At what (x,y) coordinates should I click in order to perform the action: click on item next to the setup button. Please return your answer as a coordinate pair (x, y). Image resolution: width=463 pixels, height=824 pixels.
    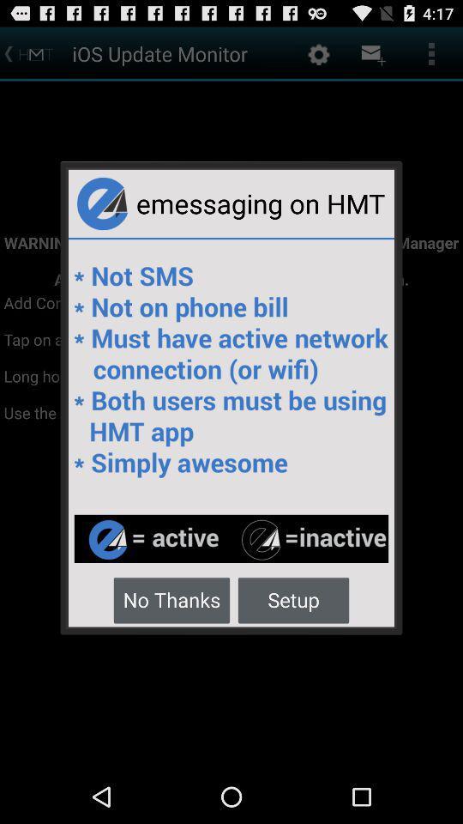
    Looking at the image, I should click on (171, 599).